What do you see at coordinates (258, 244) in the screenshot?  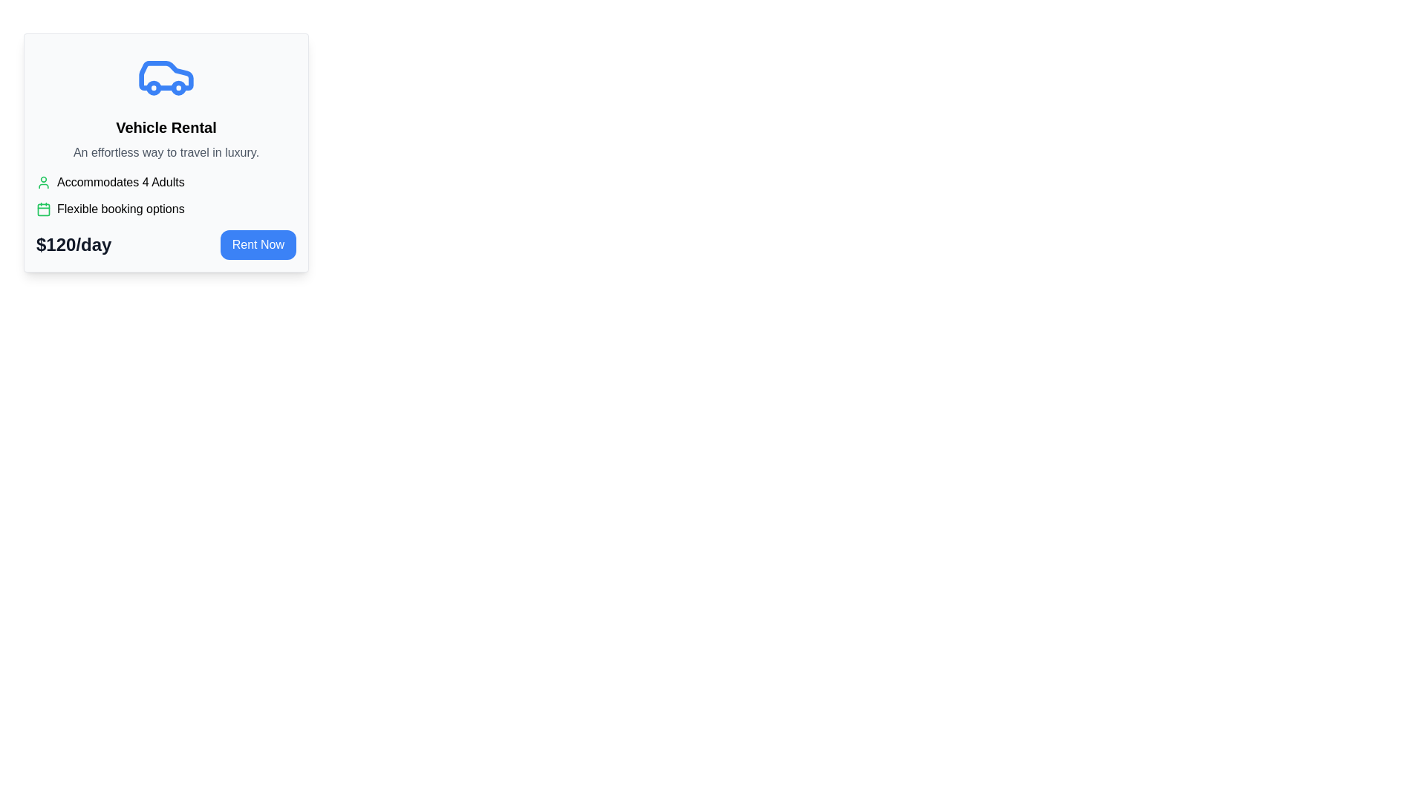 I see `the button that initiates the vehicle rental process` at bounding box center [258, 244].